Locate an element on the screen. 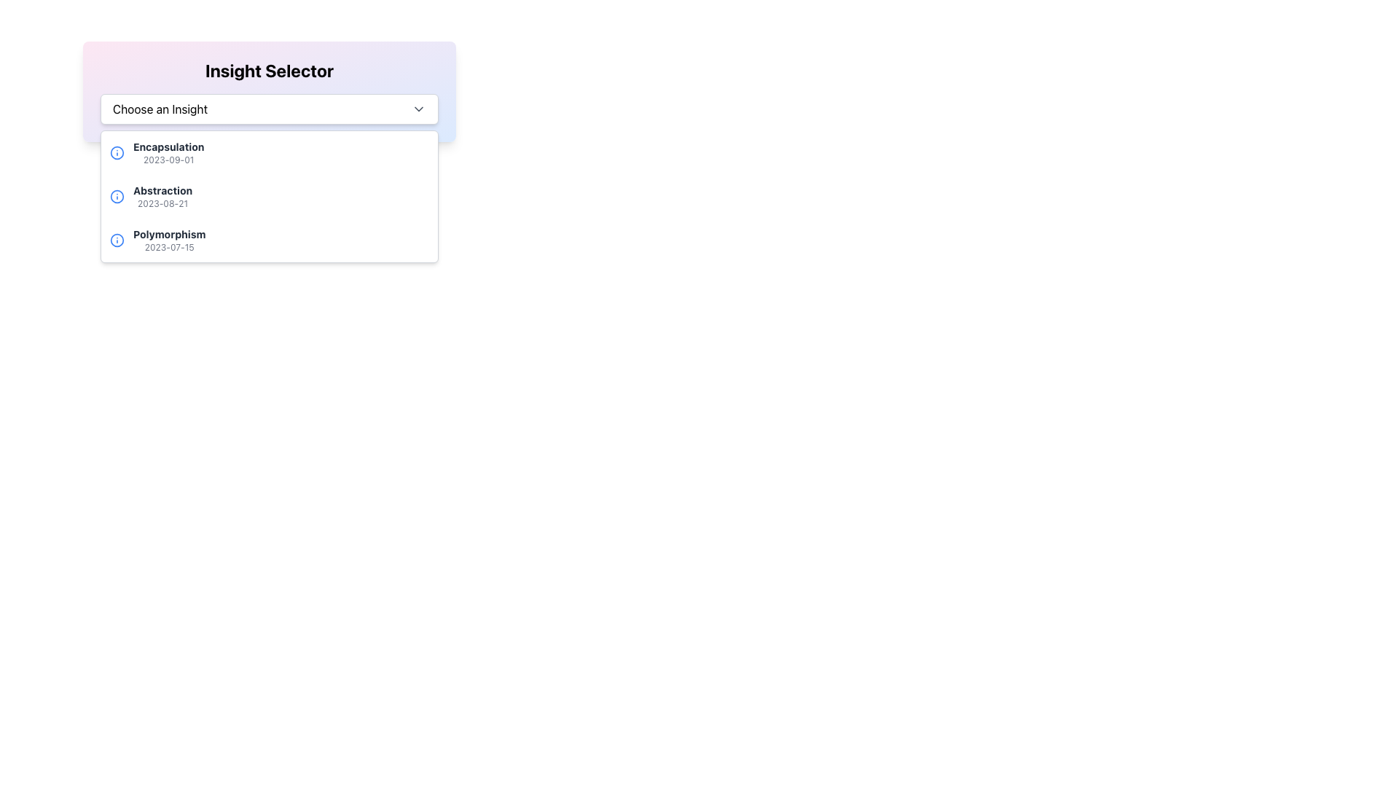 This screenshot has height=787, width=1399. the icon component located in the second row of the dropdown menu next to the title 'Abstraction' is located at coordinates (117, 197).